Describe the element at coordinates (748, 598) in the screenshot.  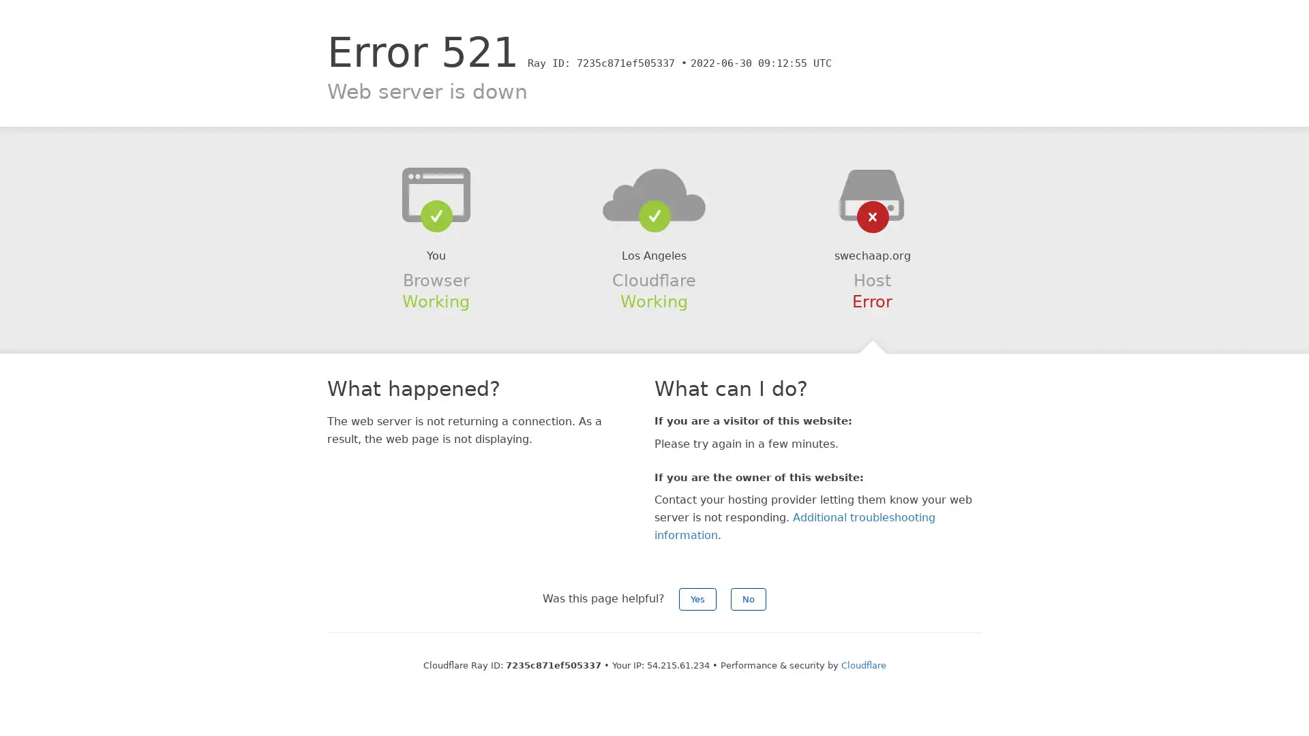
I see `No` at that location.